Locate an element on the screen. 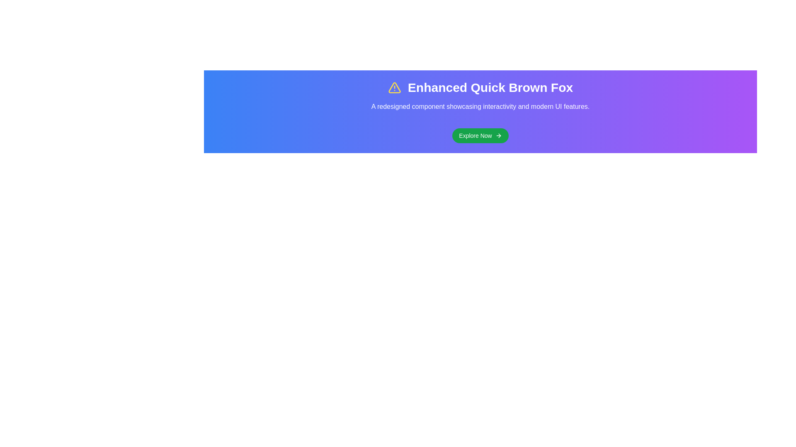  the yellow triangular warning icon with an exclamation mark located near the top center of the interface, preceding the text 'Enhanced Quick Brown Fox' is located at coordinates (394, 88).